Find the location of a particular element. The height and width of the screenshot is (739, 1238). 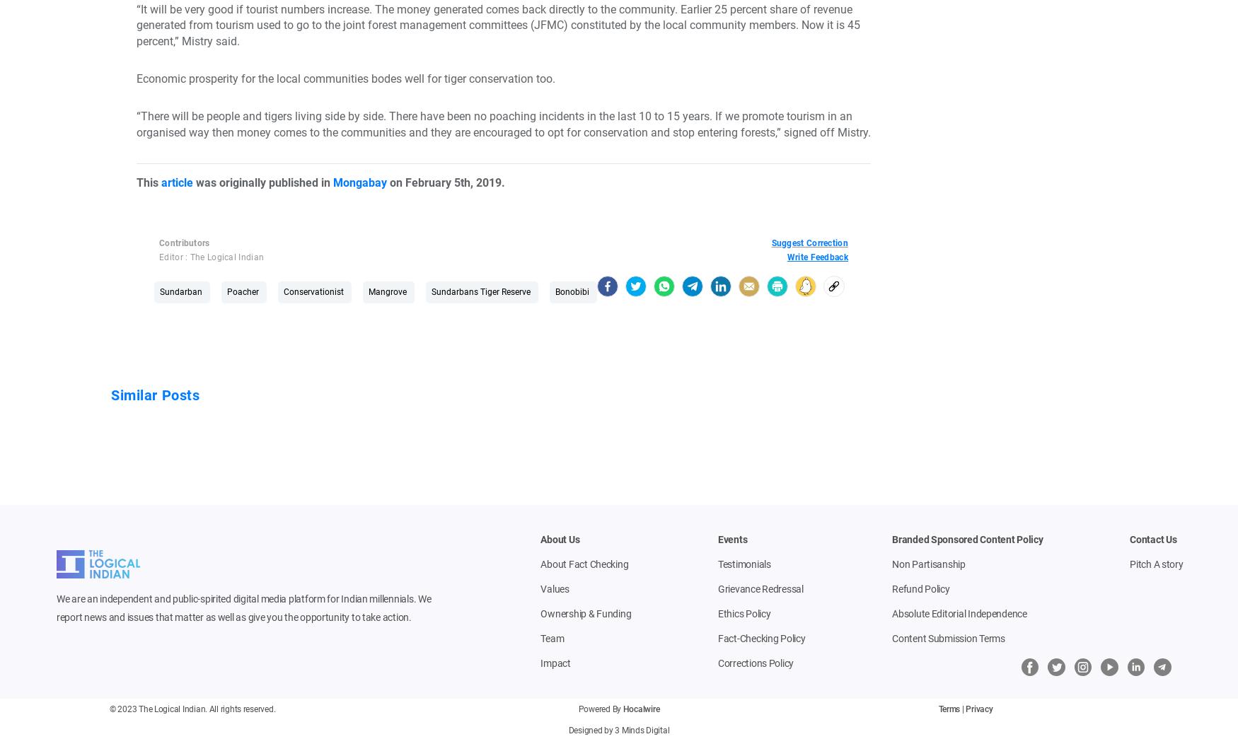

'Absolute Editorial Independence' is located at coordinates (891, 612).